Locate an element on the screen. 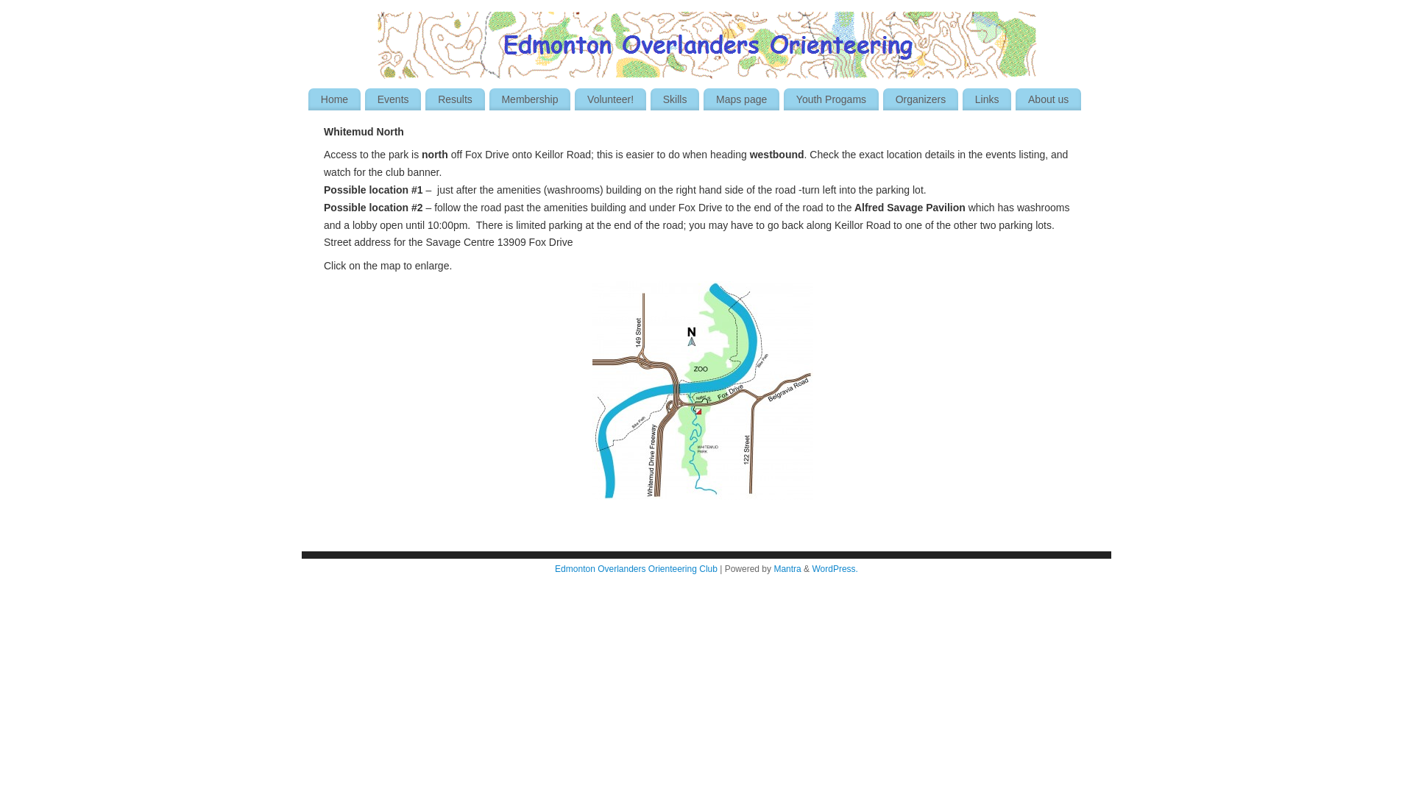 This screenshot has width=1413, height=795. 'Edmonton Overlanders Orienteering Club' is located at coordinates (636, 568).